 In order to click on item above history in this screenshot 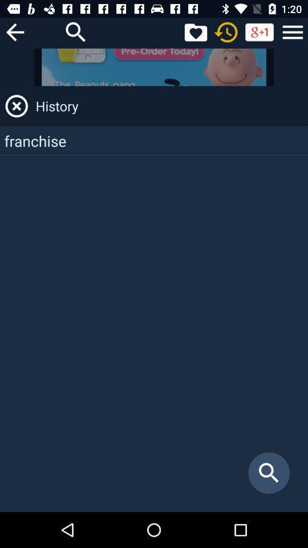, I will do `click(293, 31)`.